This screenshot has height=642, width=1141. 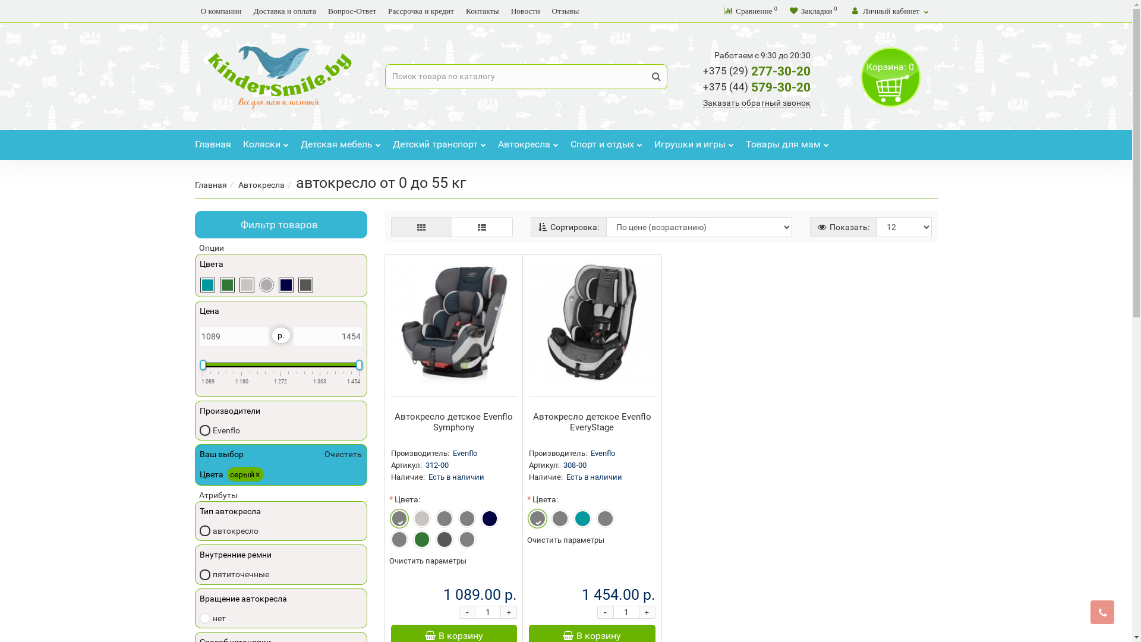 What do you see at coordinates (467, 612) in the screenshot?
I see `'-'` at bounding box center [467, 612].